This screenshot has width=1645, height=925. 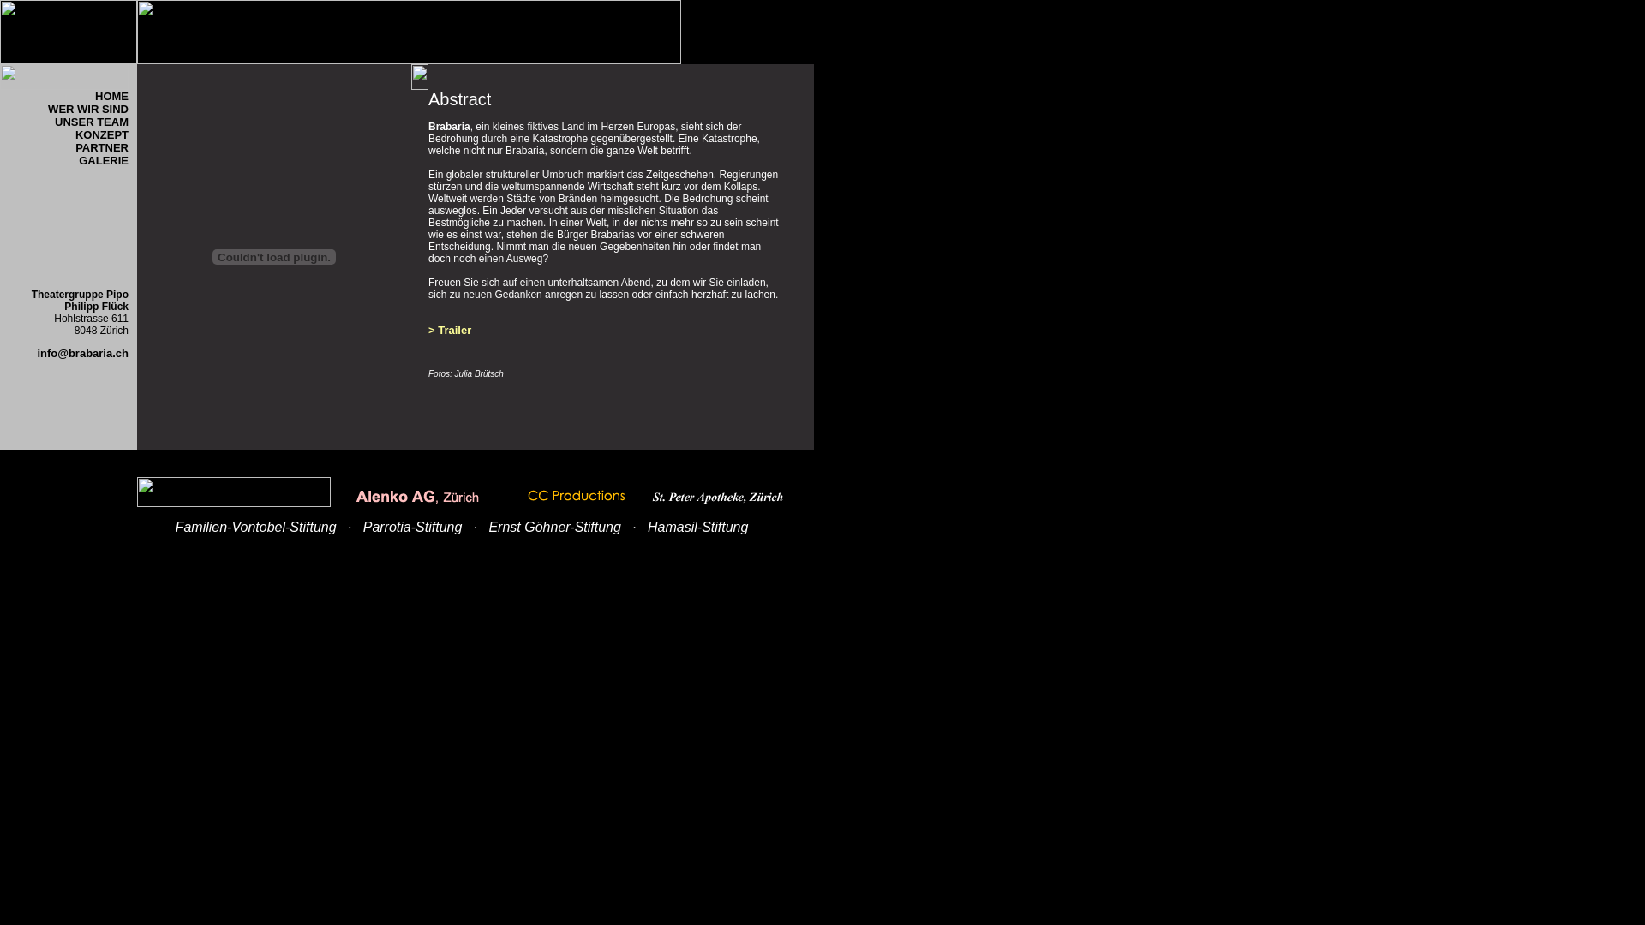 I want to click on 'GALERIE', so click(x=102, y=160).